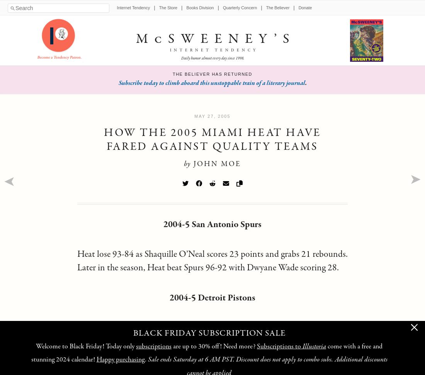 The image size is (425, 375). What do you see at coordinates (279, 346) in the screenshot?
I see `'Subscriptions to'` at bounding box center [279, 346].